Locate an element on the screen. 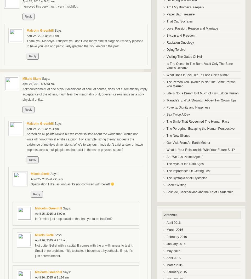 The image size is (251, 279). 'Am I My Brother’s Keeper?' is located at coordinates (166, 7).